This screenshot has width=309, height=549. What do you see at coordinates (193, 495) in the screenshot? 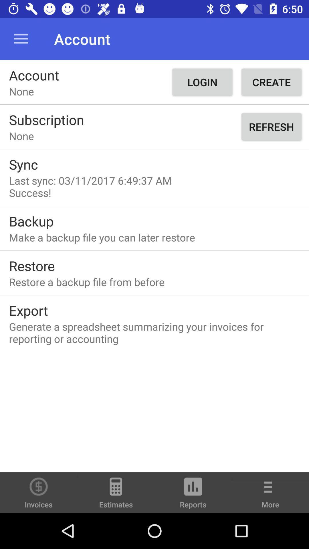
I see `the last but one button in the bottom menu bar` at bounding box center [193, 495].